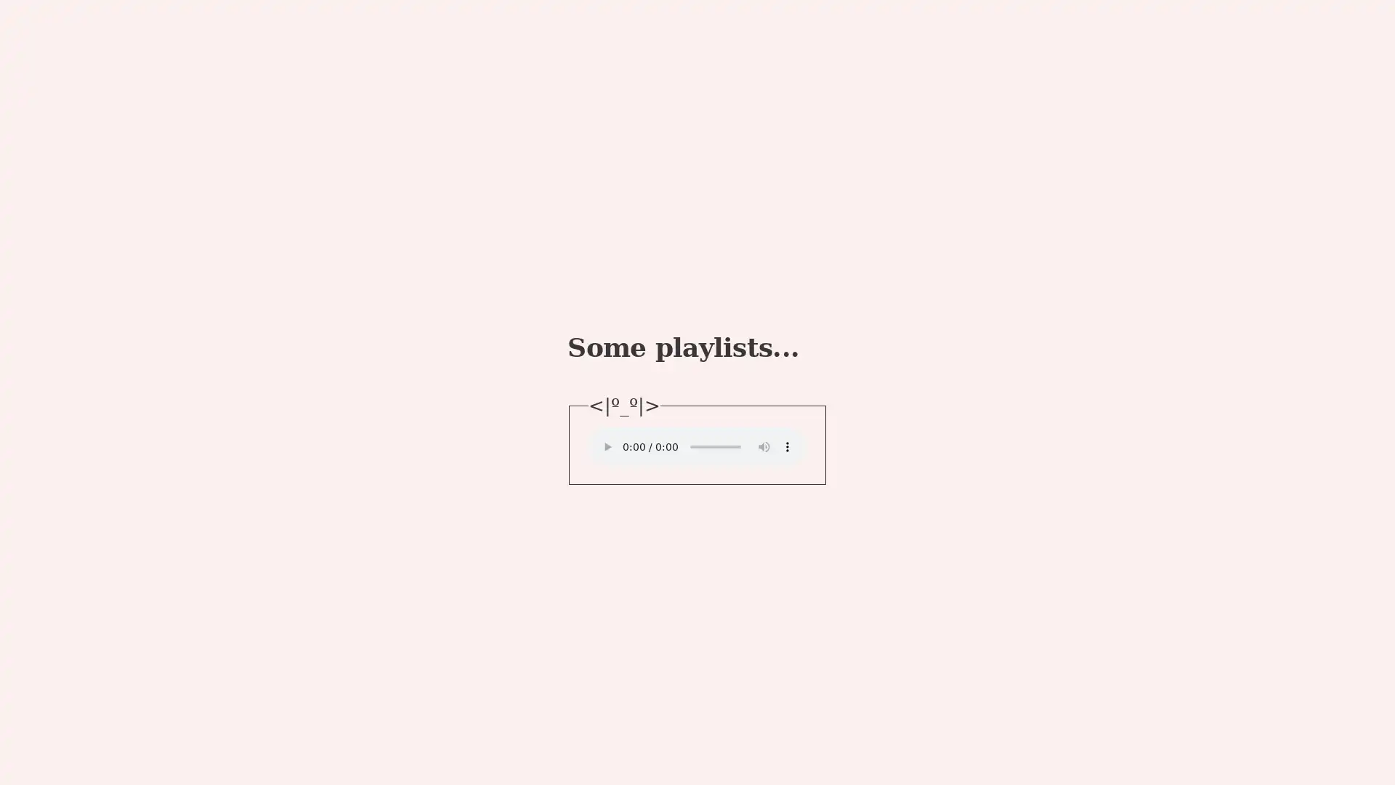 Image resolution: width=1395 pixels, height=785 pixels. I want to click on play, so click(607, 445).